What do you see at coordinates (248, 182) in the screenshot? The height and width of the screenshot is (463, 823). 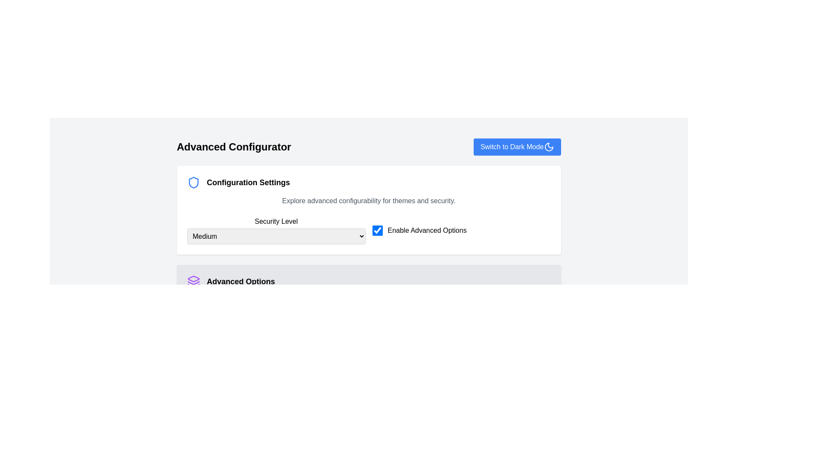 I see `text content of the header label located in the center-left portion of the configuration section, adjacent to the shield icon` at bounding box center [248, 182].